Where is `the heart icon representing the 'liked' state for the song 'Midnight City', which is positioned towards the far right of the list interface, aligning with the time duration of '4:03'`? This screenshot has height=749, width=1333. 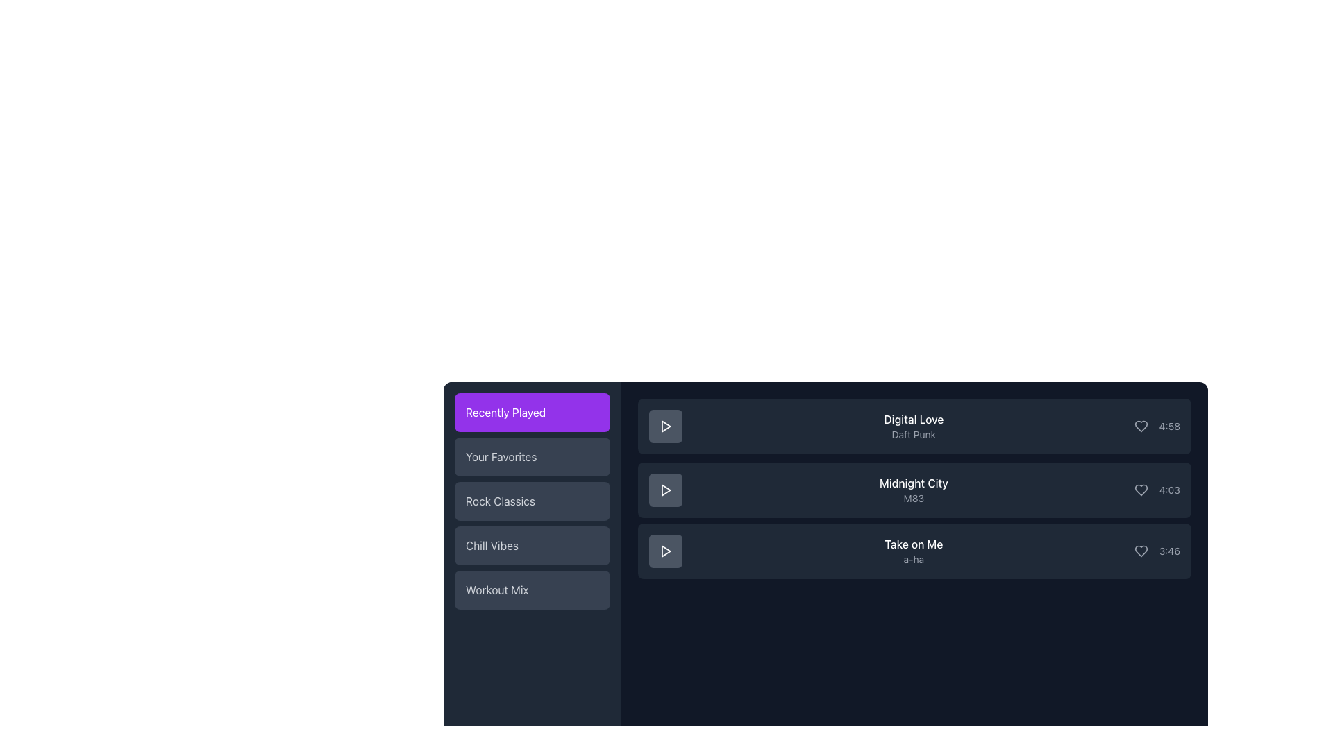
the heart icon representing the 'liked' state for the song 'Midnight City', which is positioned towards the far right of the list interface, aligning with the time duration of '4:03' is located at coordinates (1141, 489).